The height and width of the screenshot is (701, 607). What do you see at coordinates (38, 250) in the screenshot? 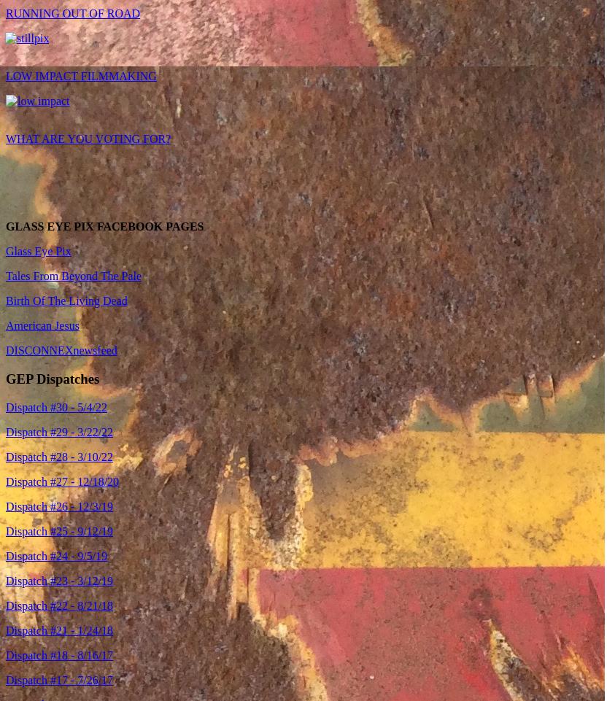
I see `'Glass Eye Pix'` at bounding box center [38, 250].